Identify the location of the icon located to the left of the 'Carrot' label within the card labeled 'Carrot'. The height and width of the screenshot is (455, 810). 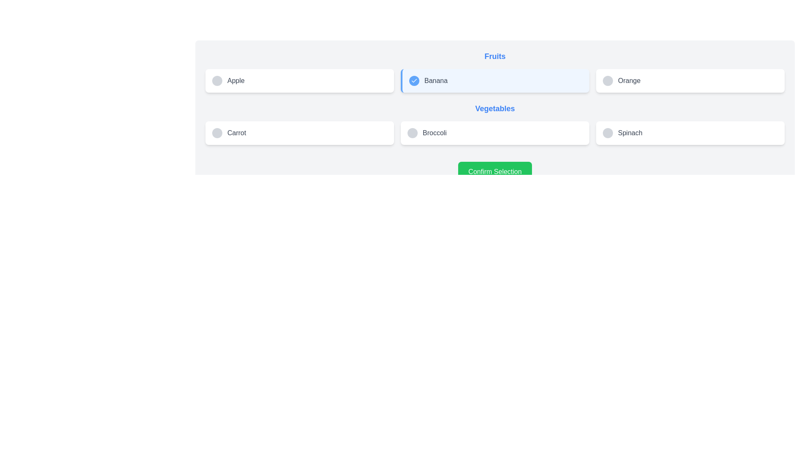
(217, 133).